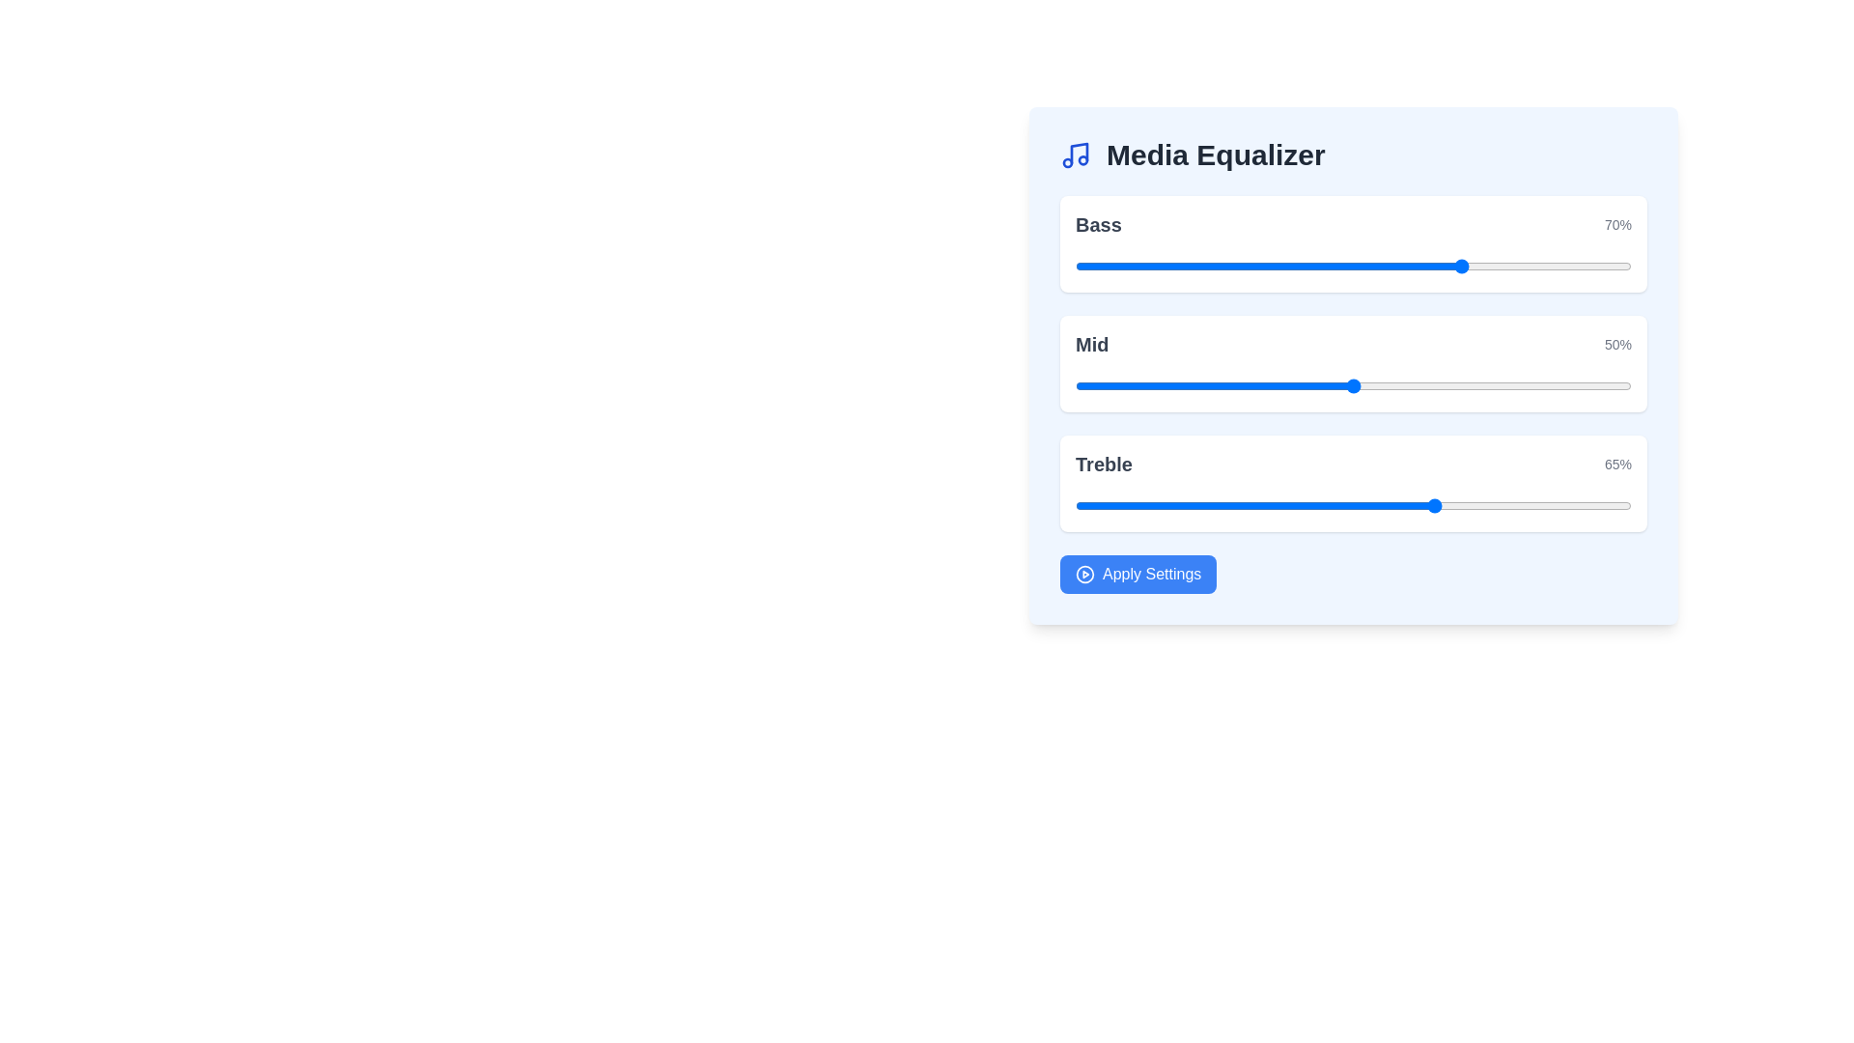 The width and height of the screenshot is (1854, 1043). I want to click on the visual representation of the music-related icon located in the top-left corner of the interface, adjacent to the text 'Media Equalizer', so click(1079, 152).